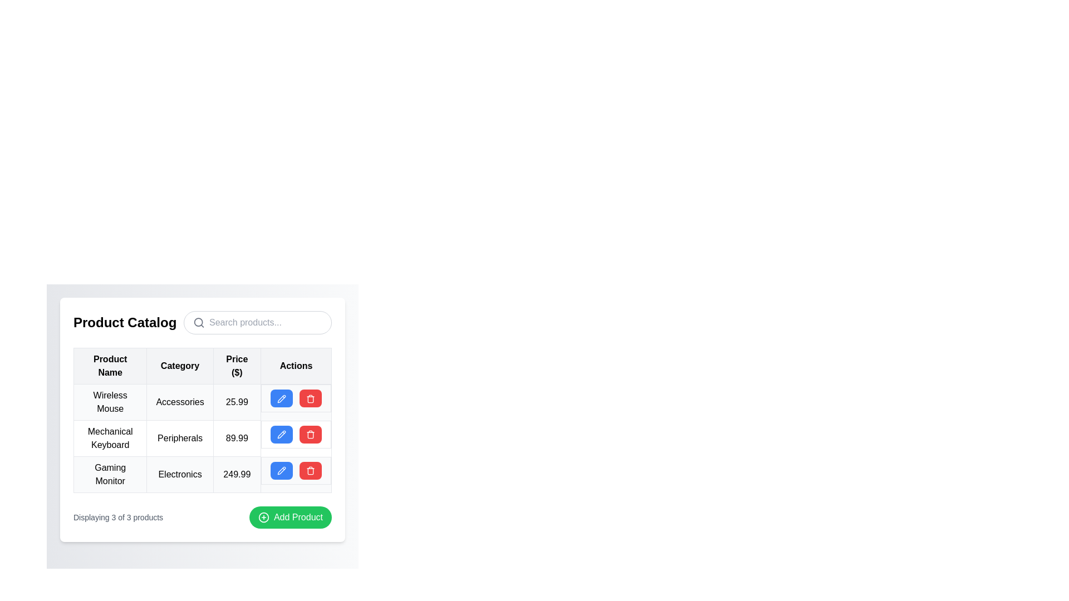  What do you see at coordinates (310, 434) in the screenshot?
I see `the delete icon for the 'Mechanical Keyboard' product in the 'Actions' column of the table` at bounding box center [310, 434].